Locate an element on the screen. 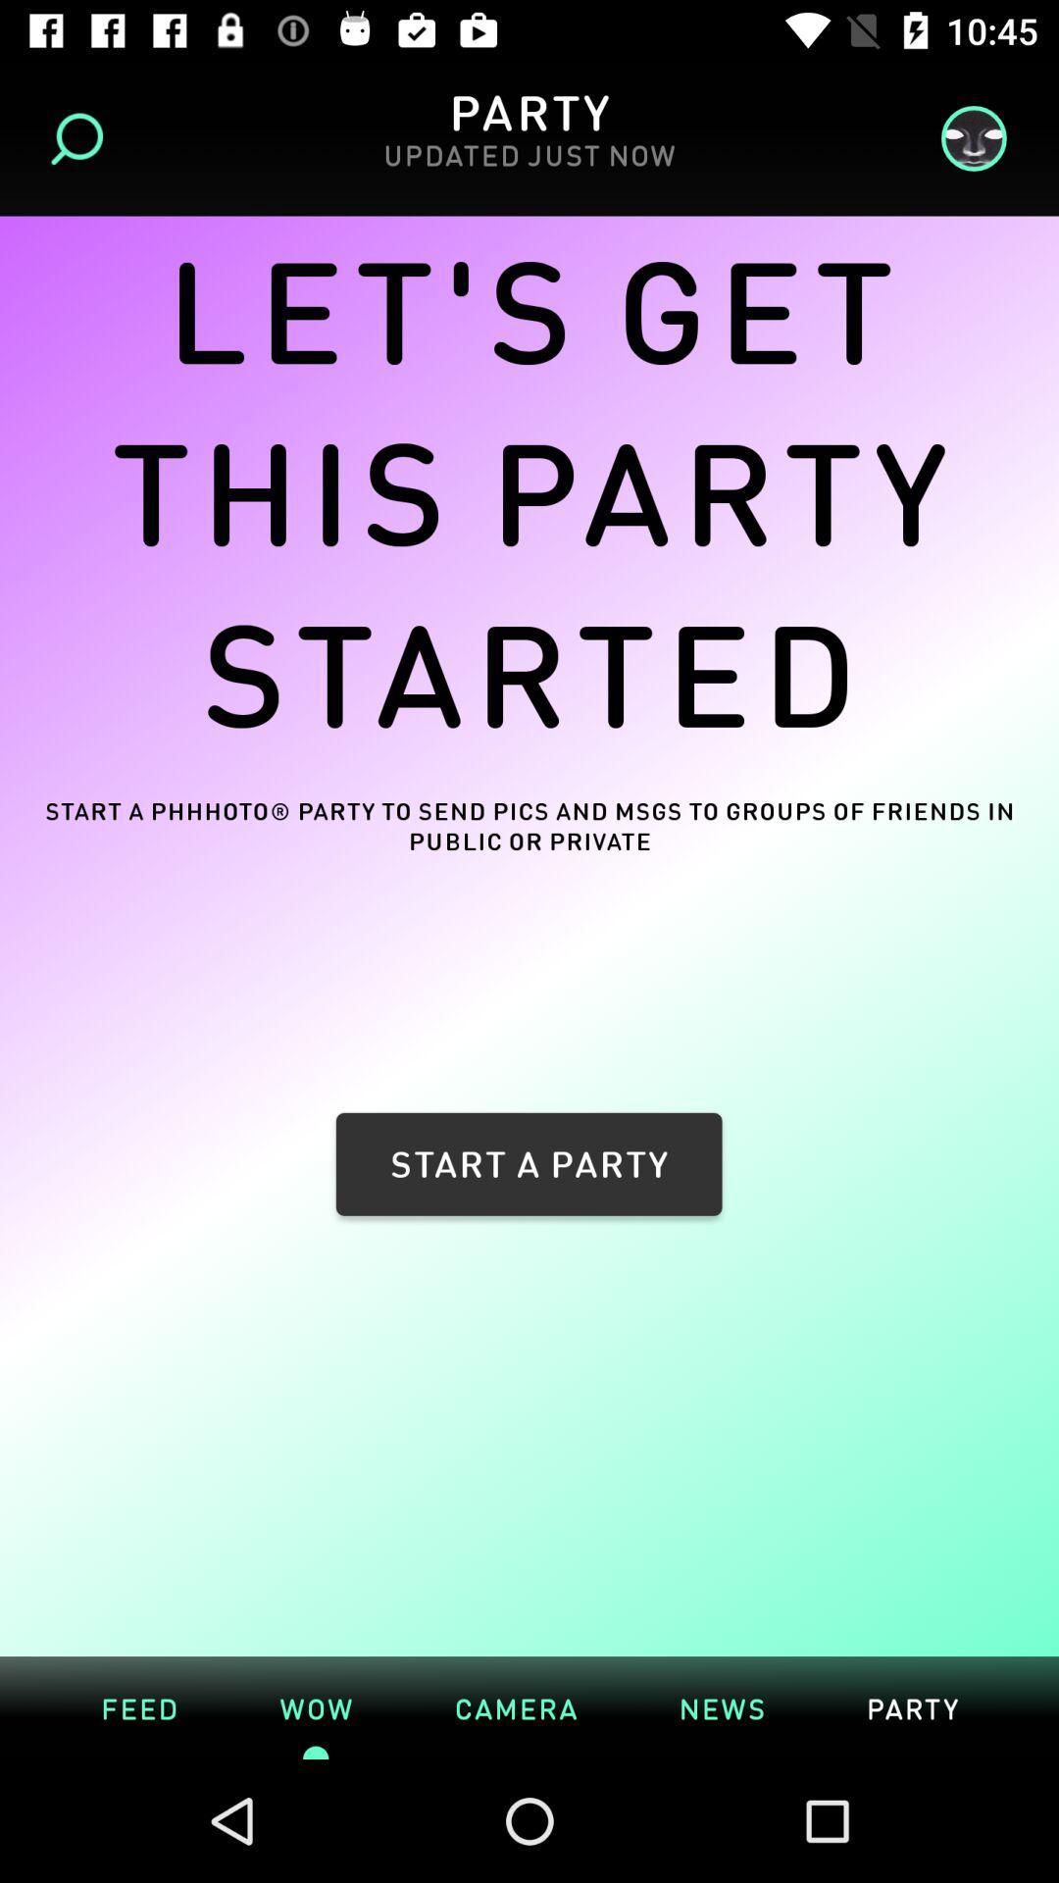  the news item is located at coordinates (722, 1706).